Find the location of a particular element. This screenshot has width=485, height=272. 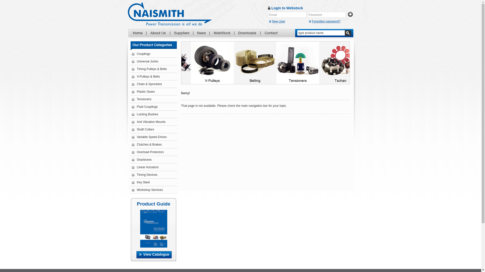

'Gearboxes' is located at coordinates (141, 159).